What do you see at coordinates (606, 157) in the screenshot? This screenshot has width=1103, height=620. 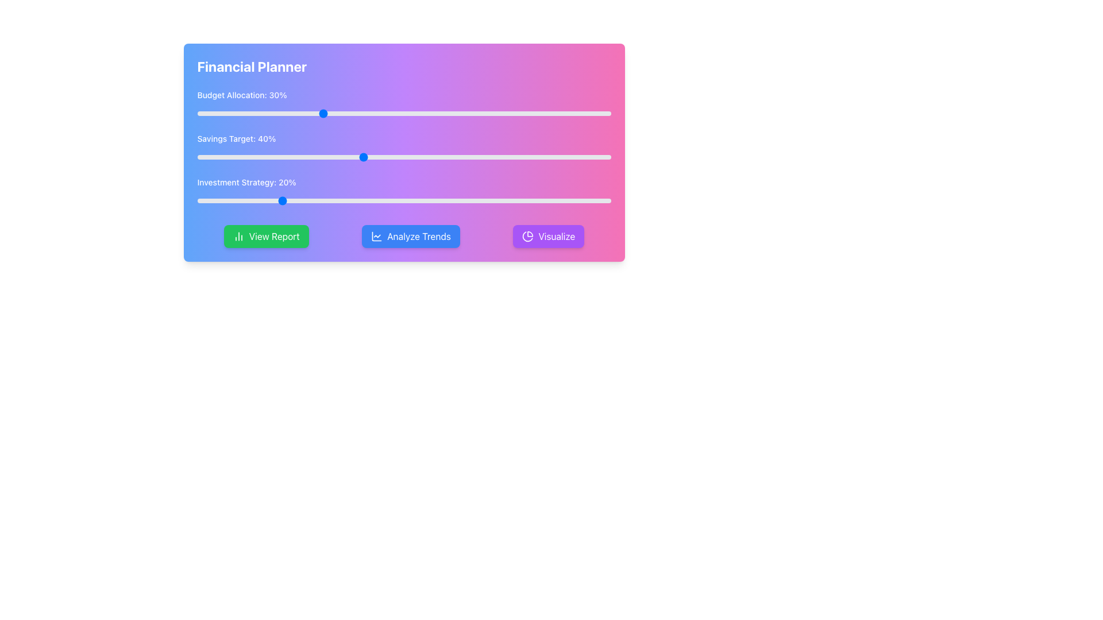 I see `the savings target percentage` at bounding box center [606, 157].